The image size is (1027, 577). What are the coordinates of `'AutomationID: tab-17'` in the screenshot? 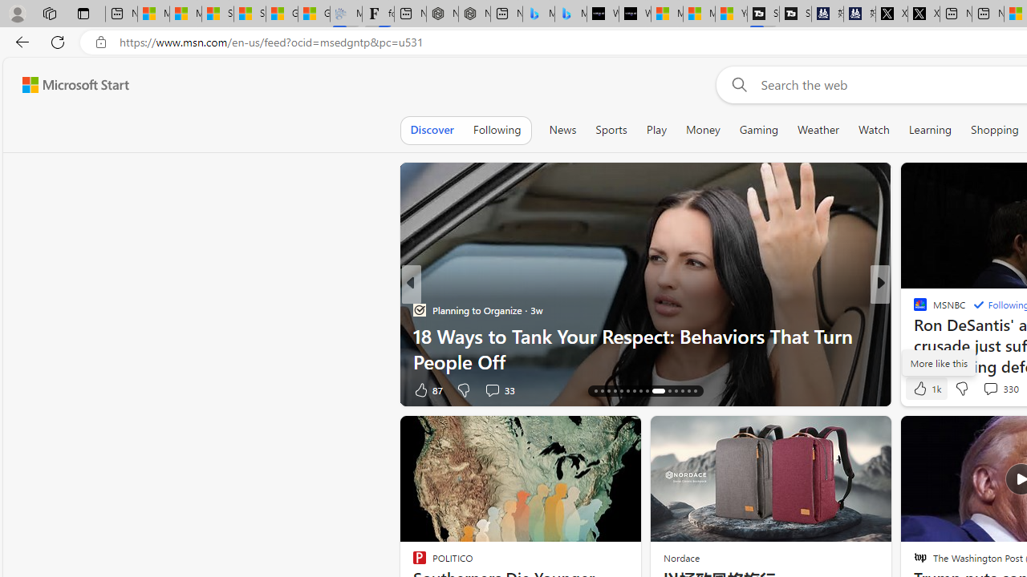 It's located at (601, 391).